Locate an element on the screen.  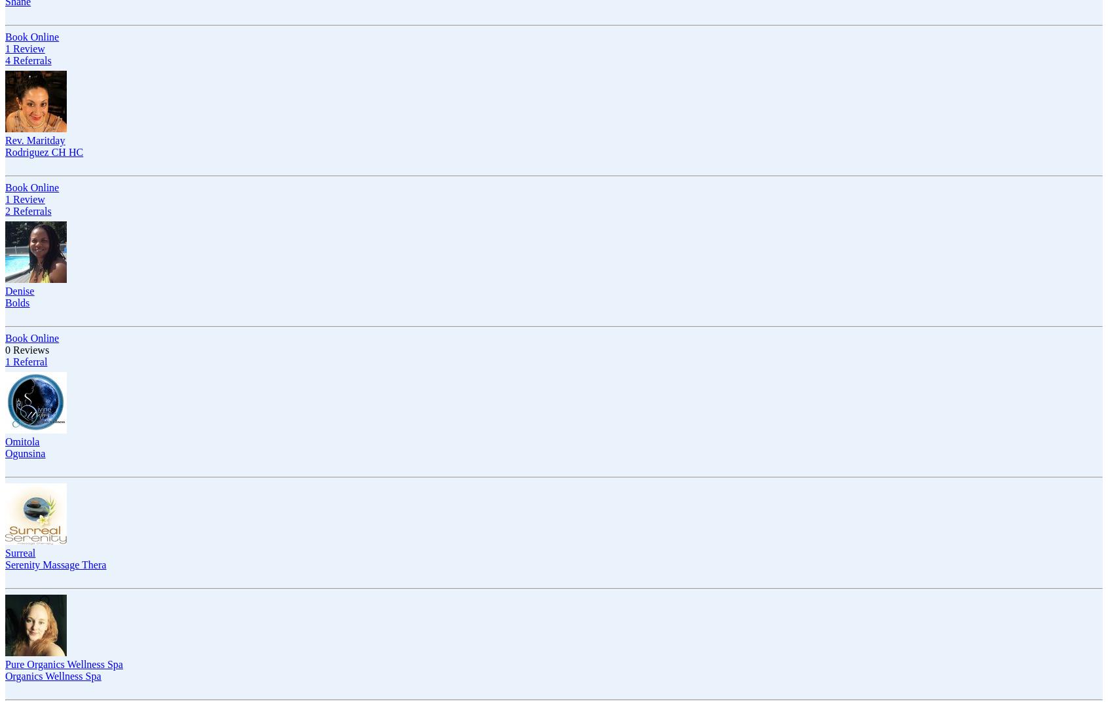
'Surreal' is located at coordinates (19, 553).